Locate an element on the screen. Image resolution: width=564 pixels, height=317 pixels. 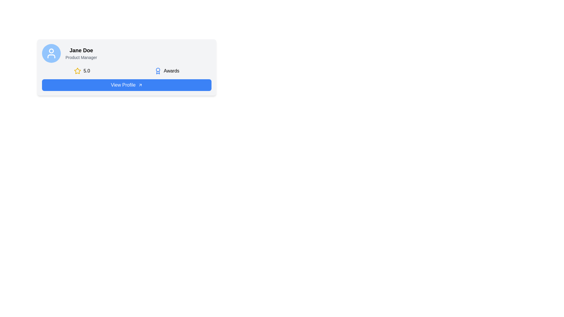
the SVG Circle, which is part of an award badge icon located to the right of a rating indicator and above the 'View Profile' button is located at coordinates (158, 70).